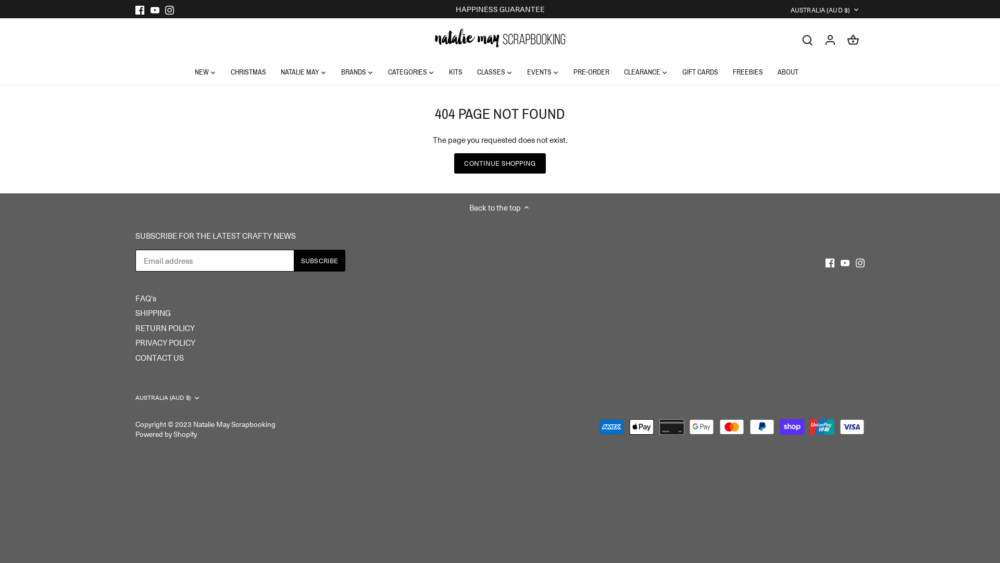  What do you see at coordinates (159, 357) in the screenshot?
I see `'CONTACT US'` at bounding box center [159, 357].